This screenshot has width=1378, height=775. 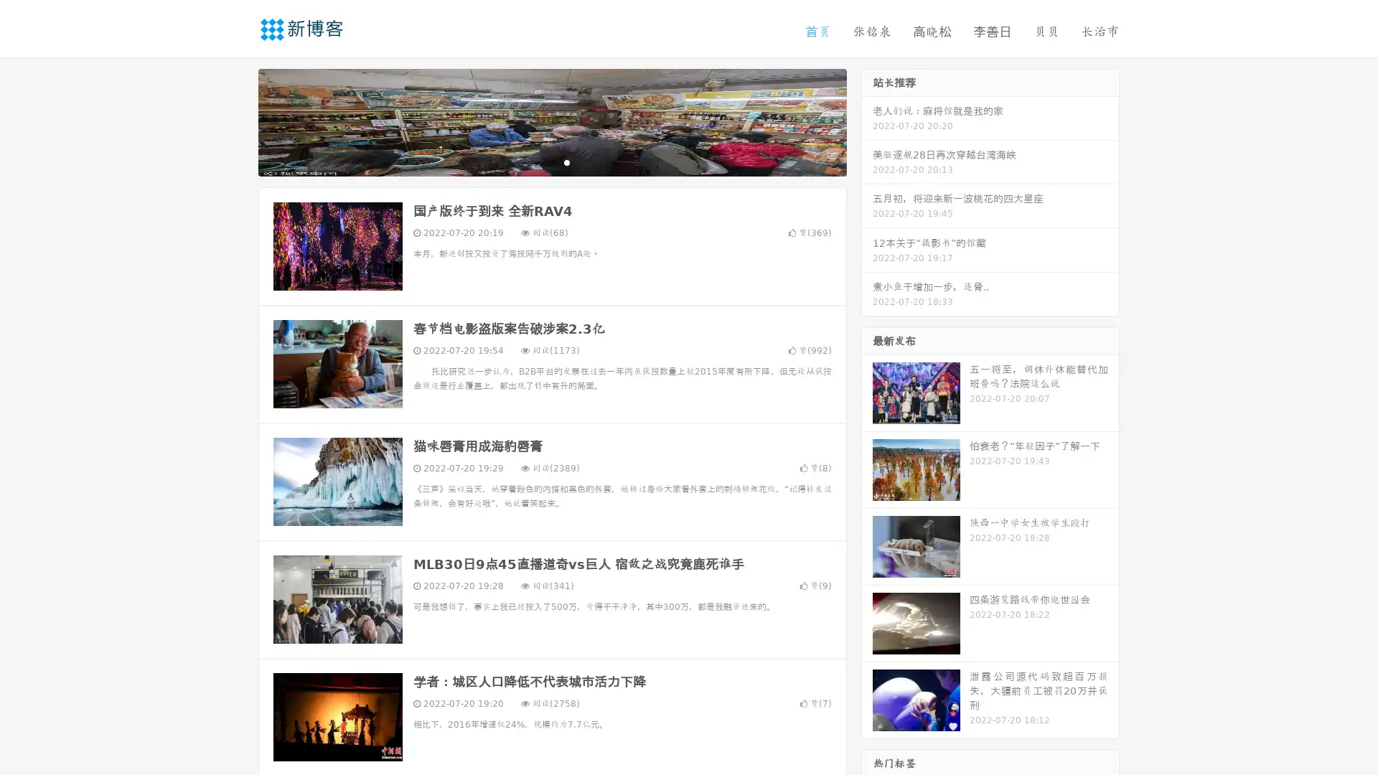 I want to click on Go to slide 2, so click(x=551, y=161).